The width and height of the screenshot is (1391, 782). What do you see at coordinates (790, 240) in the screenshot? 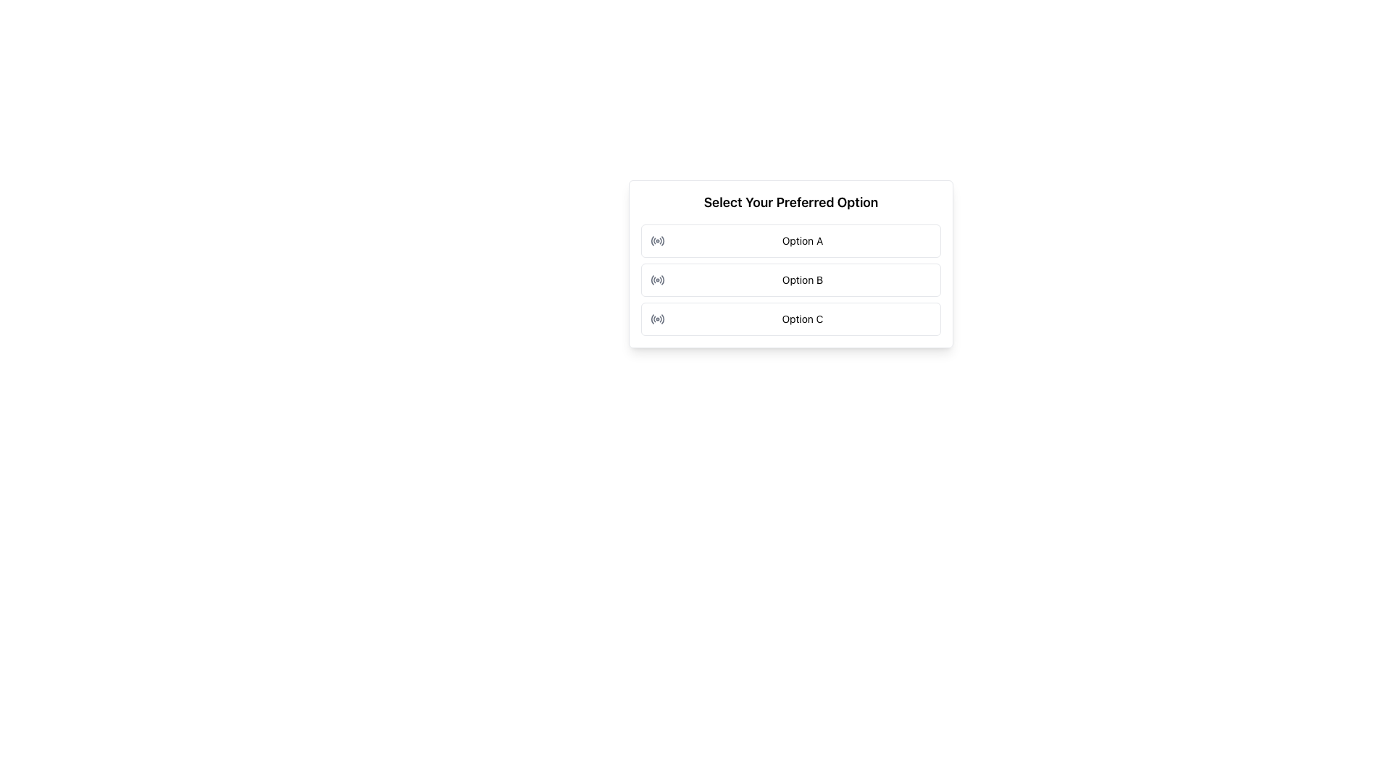
I see `the first selectable option labeled 'Option A' in the list` at bounding box center [790, 240].